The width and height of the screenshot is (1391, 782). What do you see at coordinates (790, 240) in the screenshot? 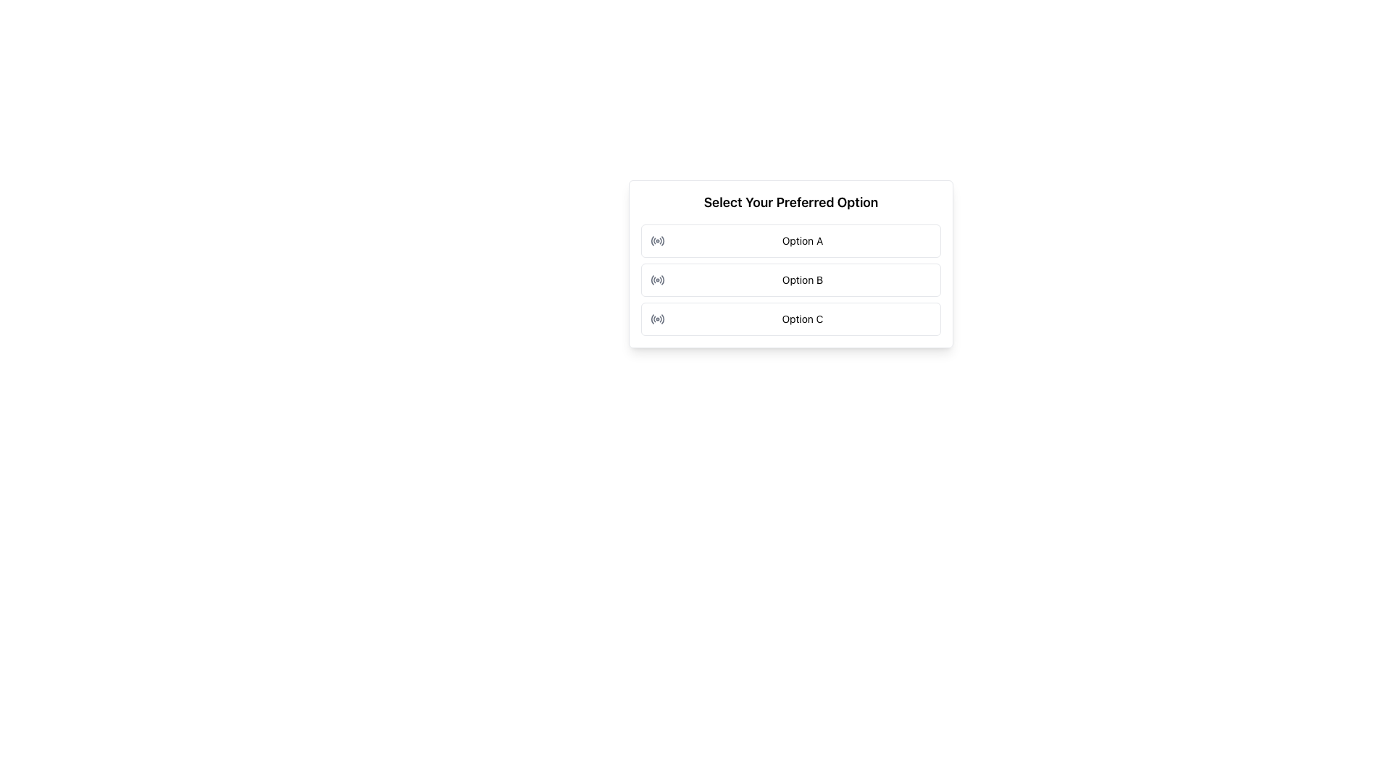
I see `the first selectable option labeled 'Option A' in the list` at bounding box center [790, 240].